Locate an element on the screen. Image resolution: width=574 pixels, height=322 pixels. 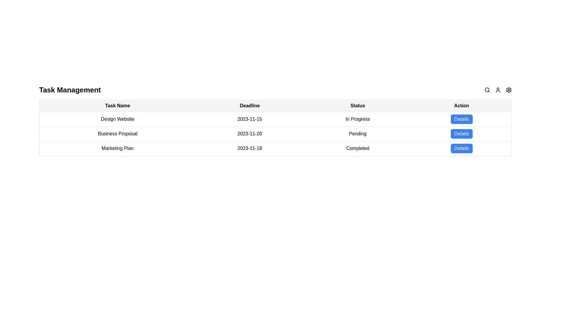
the gear icon button, which is the third icon from the right in the top-right corner of the interface is located at coordinates (509, 90).